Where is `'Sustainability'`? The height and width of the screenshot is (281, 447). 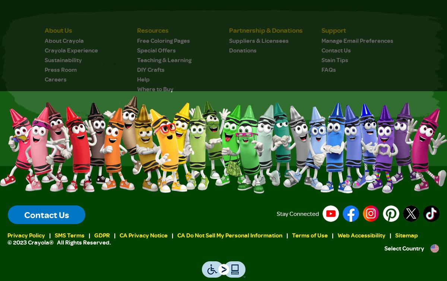 'Sustainability' is located at coordinates (63, 59).